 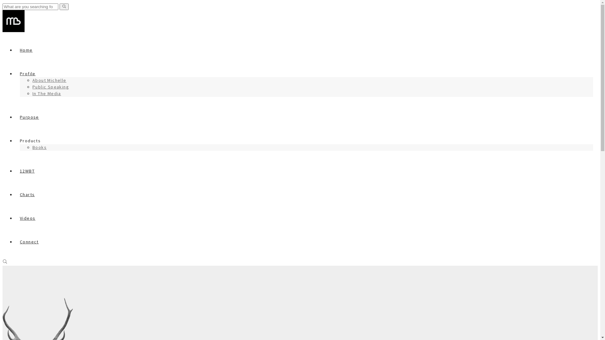 I want to click on 'Videos', so click(x=27, y=218).